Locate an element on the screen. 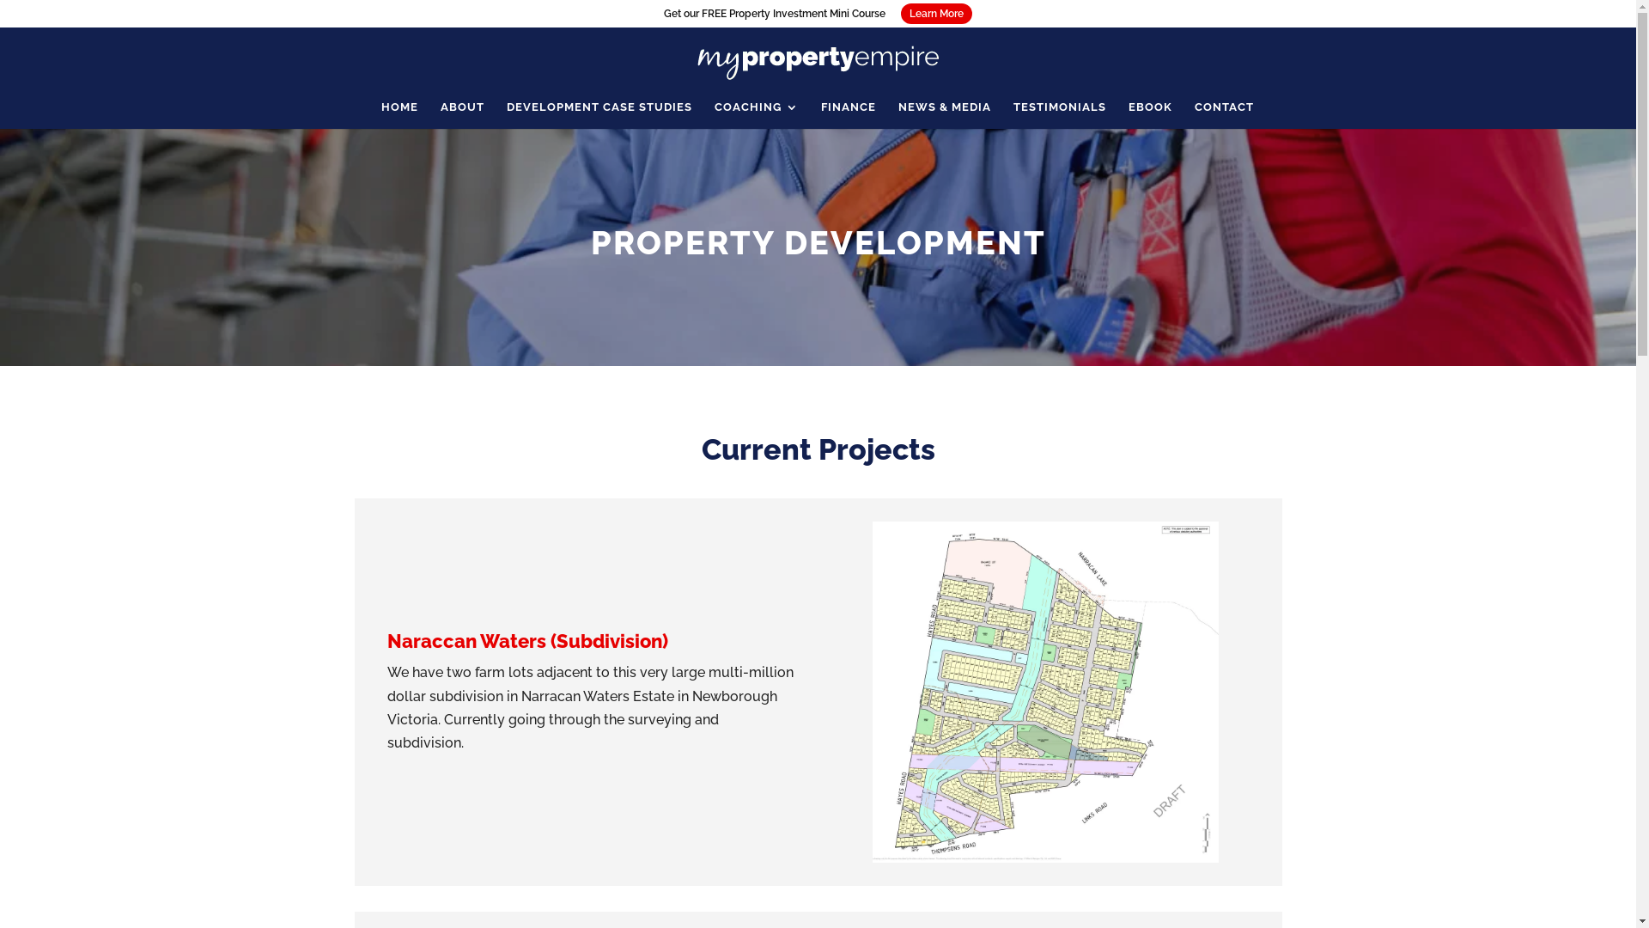  'CONTACT' is located at coordinates (1222, 115).